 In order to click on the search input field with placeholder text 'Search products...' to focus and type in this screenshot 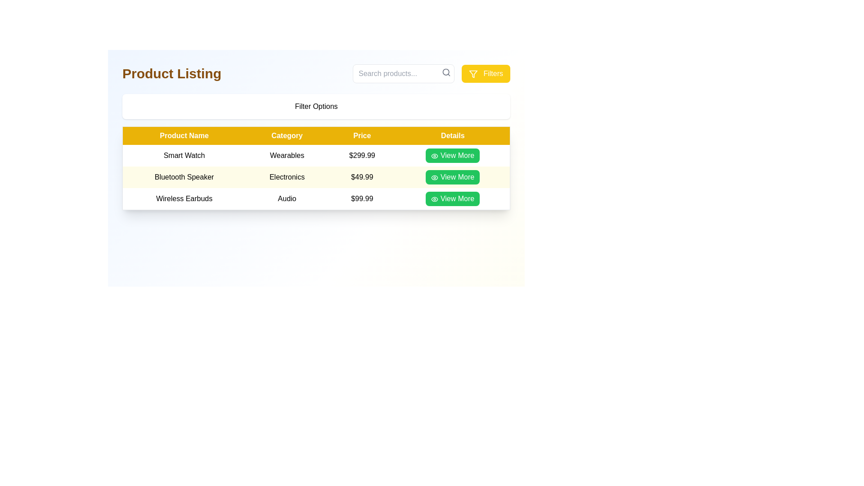, I will do `click(403, 73)`.